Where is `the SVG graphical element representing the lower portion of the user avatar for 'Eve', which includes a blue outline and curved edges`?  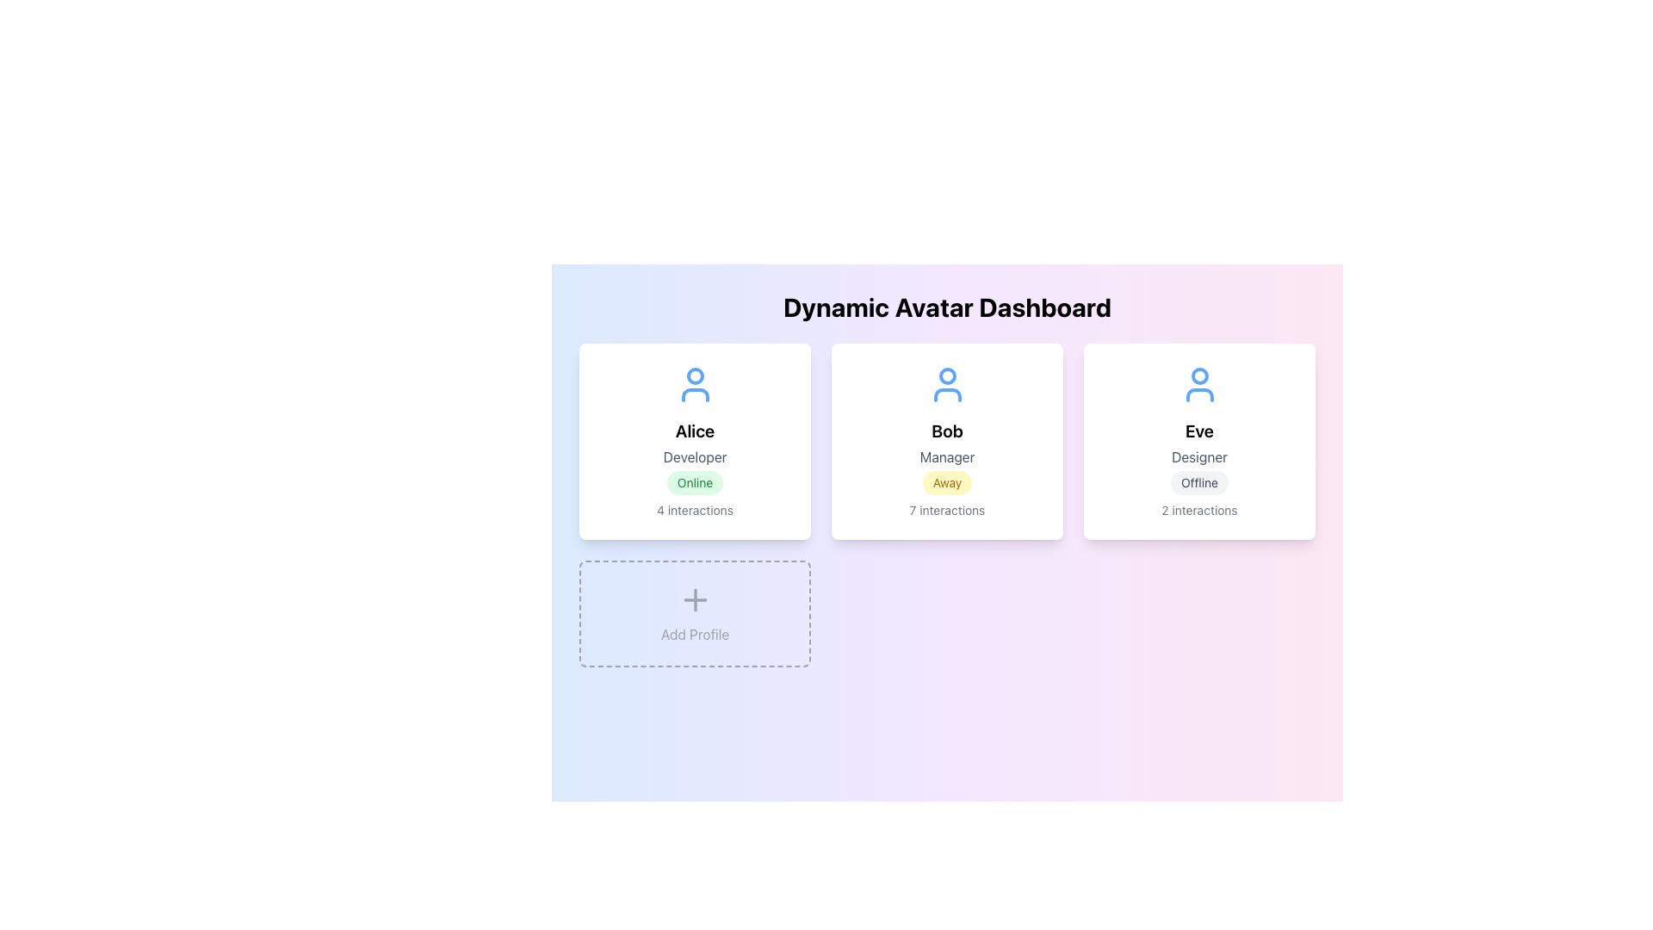 the SVG graphical element representing the lower portion of the user avatar for 'Eve', which includes a blue outline and curved edges is located at coordinates (1198, 395).